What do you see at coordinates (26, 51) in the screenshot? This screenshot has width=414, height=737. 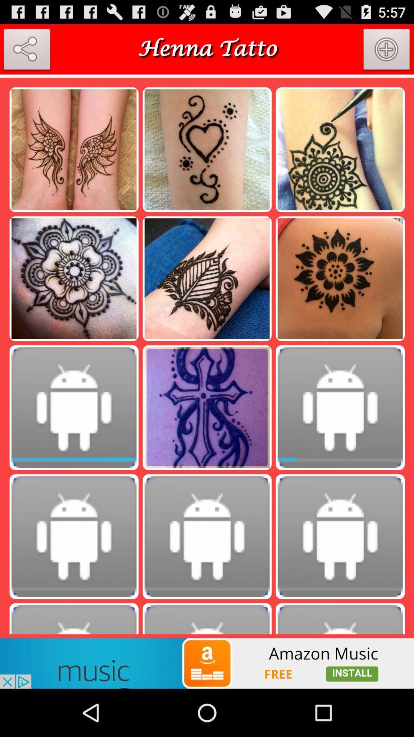 I see `share` at bounding box center [26, 51].